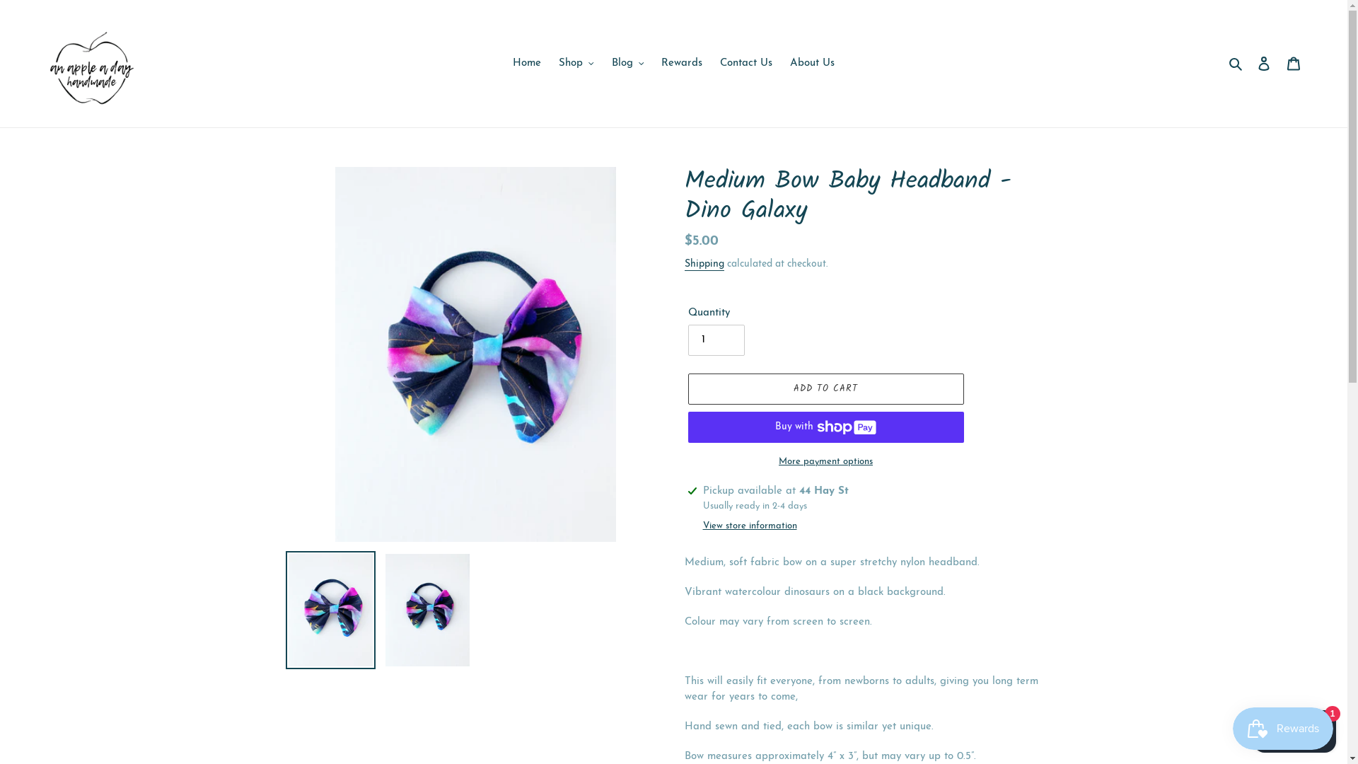 The image size is (1358, 764). I want to click on 'Shop', so click(550, 64).